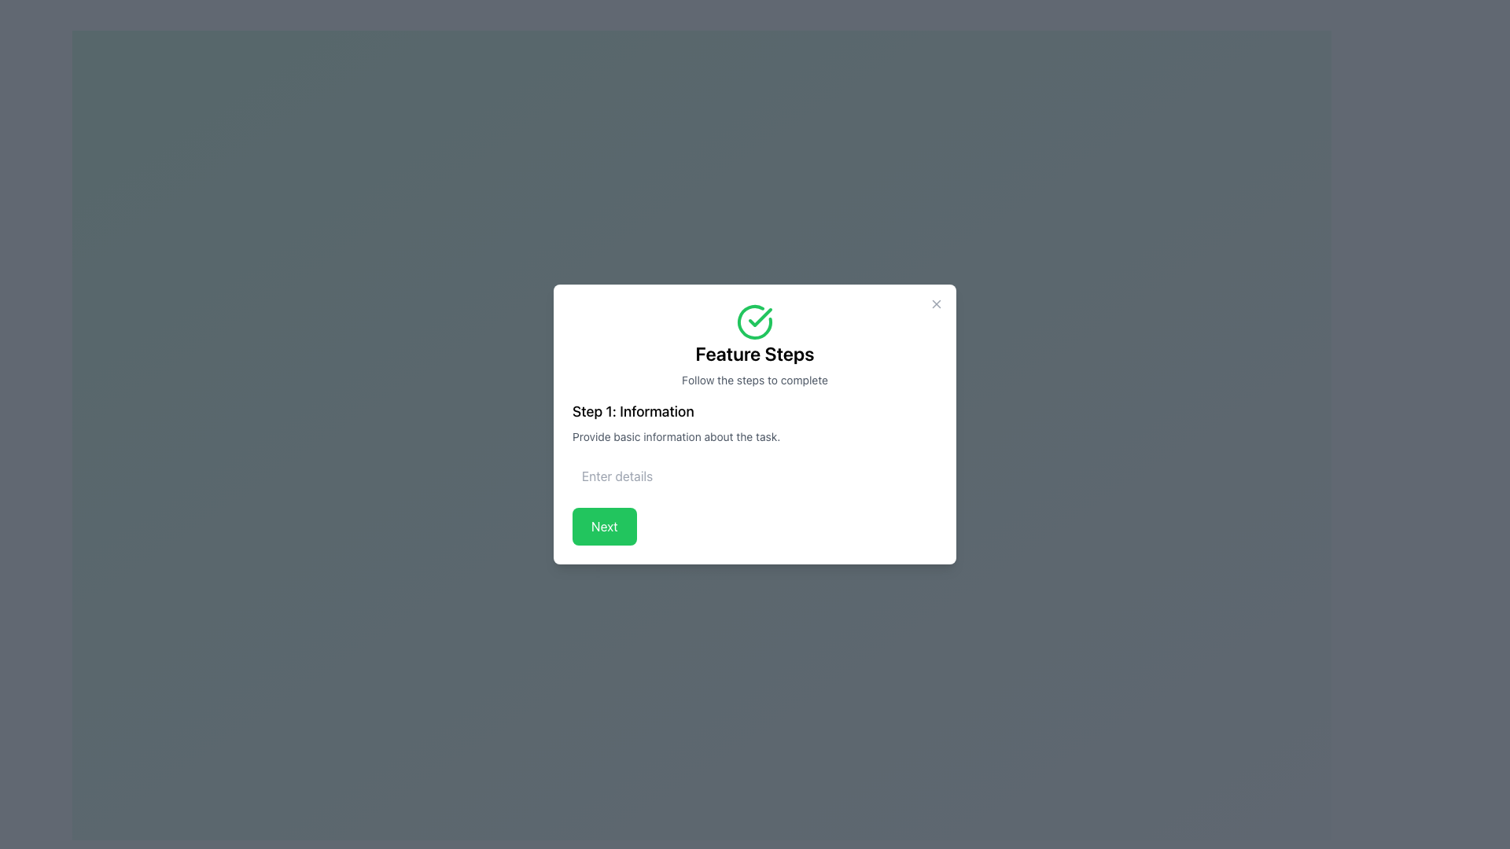 The height and width of the screenshot is (849, 1510). I want to click on the second text label that provides descriptive information or instructions, located below the heading 'Step 1: Information' and above the input box labeled 'Enter details', so click(755, 436).